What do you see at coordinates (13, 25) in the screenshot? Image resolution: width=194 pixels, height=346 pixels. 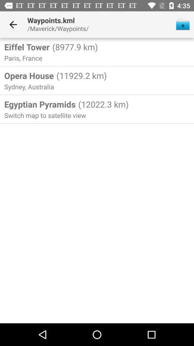 I see `the icon to the left of the waypoints.kml` at bounding box center [13, 25].